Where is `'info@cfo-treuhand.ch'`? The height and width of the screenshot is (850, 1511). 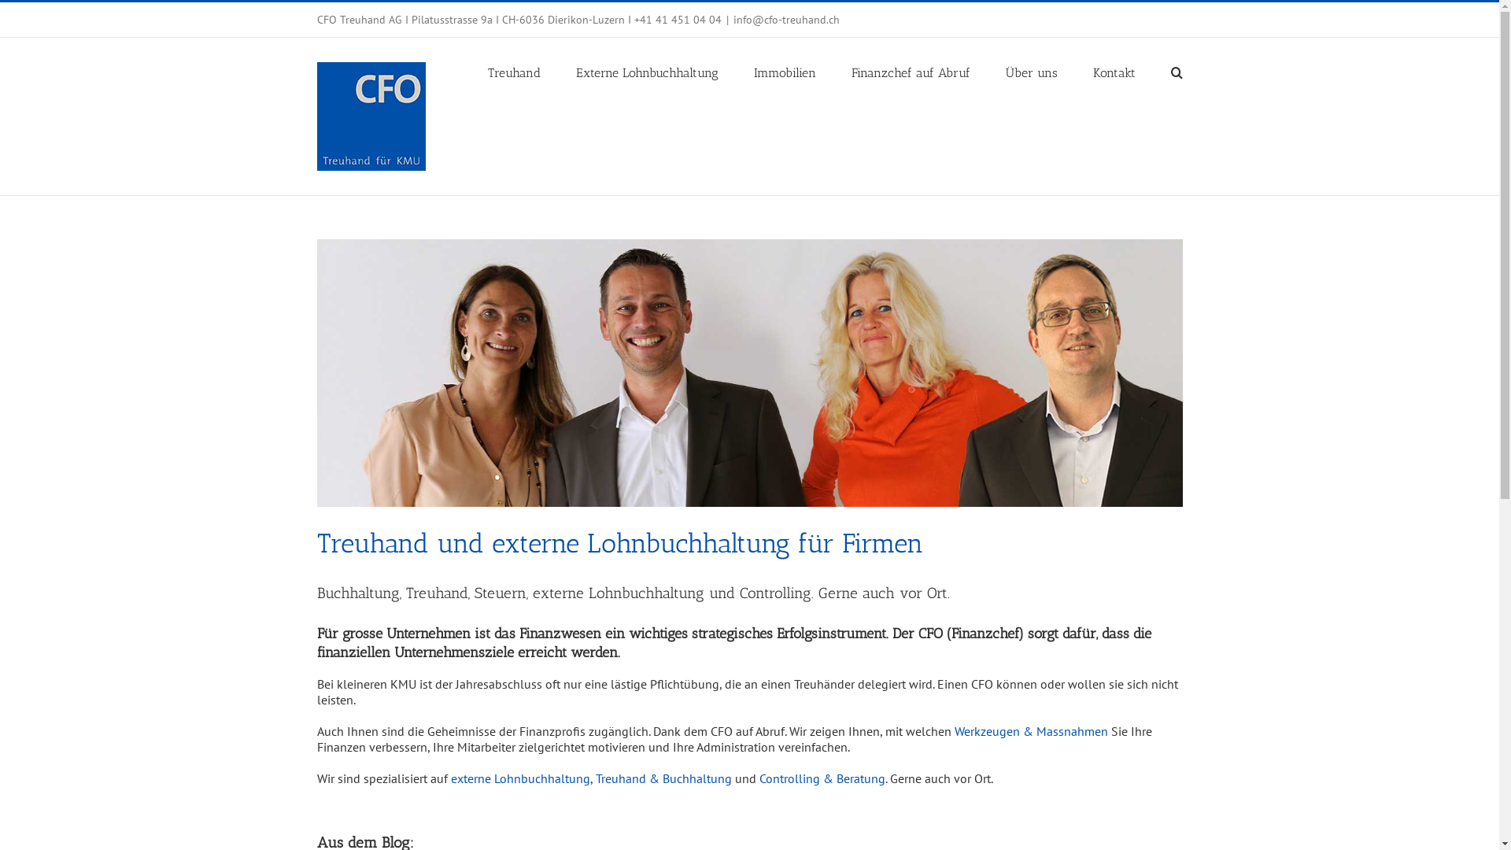
'info@cfo-treuhand.ch' is located at coordinates (786, 19).